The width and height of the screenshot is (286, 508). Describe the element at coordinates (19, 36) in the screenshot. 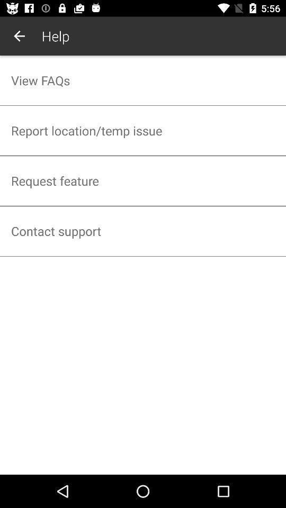

I see `app to the left of help icon` at that location.